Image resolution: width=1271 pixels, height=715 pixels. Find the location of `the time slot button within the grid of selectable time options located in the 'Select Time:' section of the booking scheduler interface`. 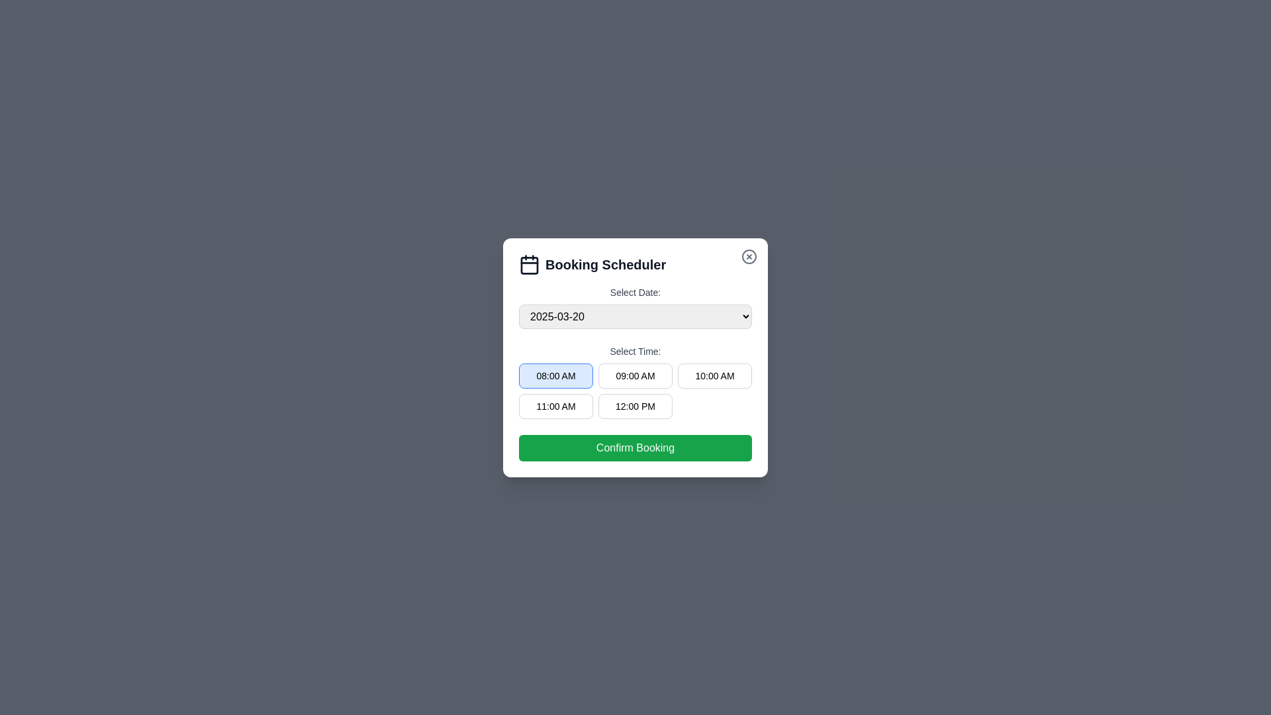

the time slot button within the grid of selectable time options located in the 'Select Time:' section of the booking scheduler interface is located at coordinates (635, 381).